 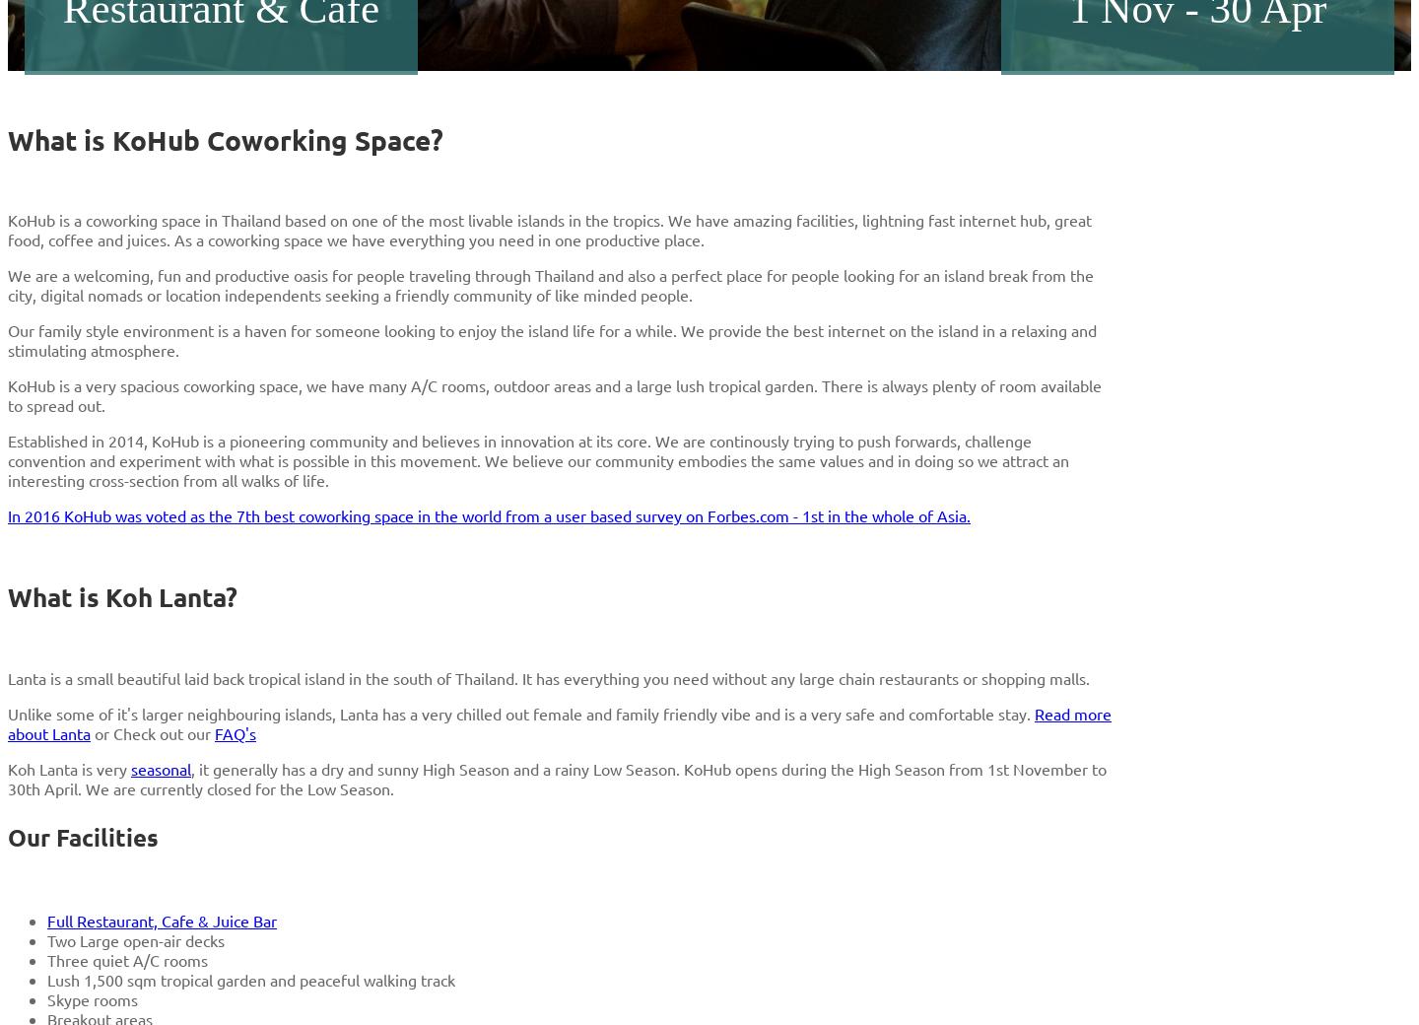 I want to click on 'seasonal', so click(x=160, y=769).